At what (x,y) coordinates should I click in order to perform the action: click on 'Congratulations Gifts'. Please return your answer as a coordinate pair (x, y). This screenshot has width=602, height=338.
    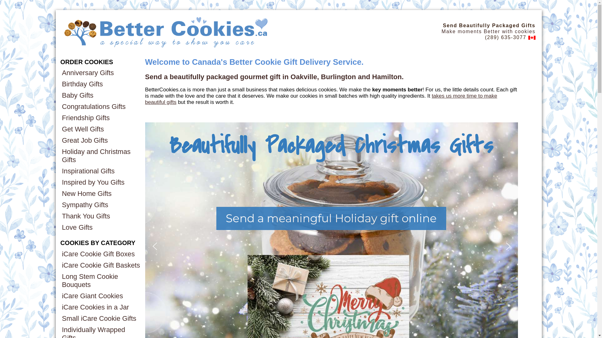
    Looking at the image, I should click on (101, 106).